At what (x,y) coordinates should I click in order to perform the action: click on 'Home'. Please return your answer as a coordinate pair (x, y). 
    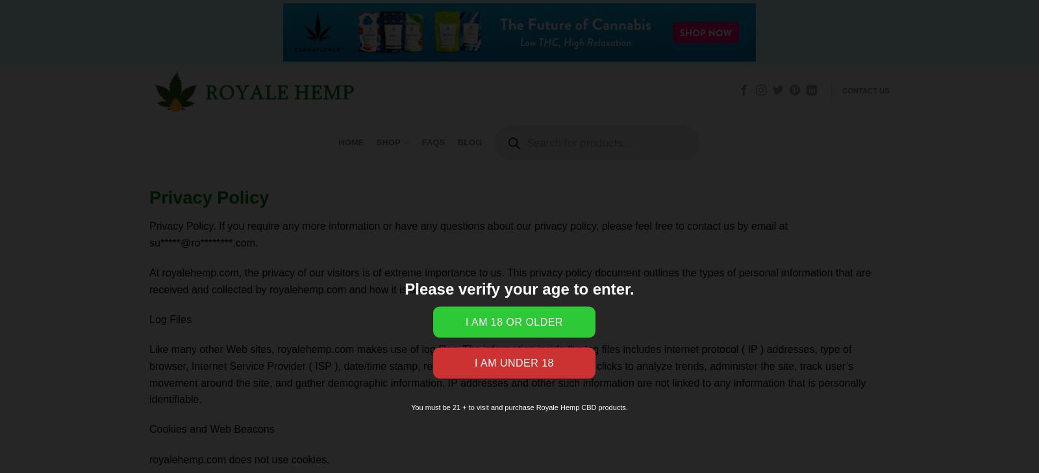
    Looking at the image, I should click on (350, 141).